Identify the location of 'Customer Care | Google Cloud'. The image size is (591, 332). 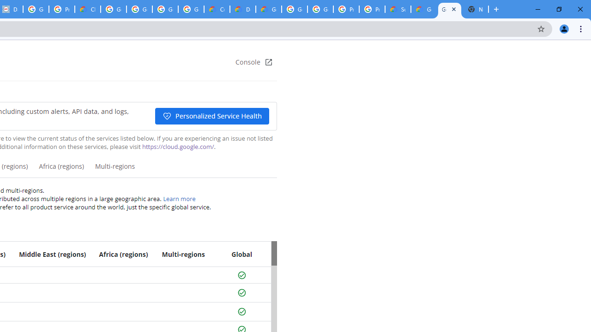
(216, 9).